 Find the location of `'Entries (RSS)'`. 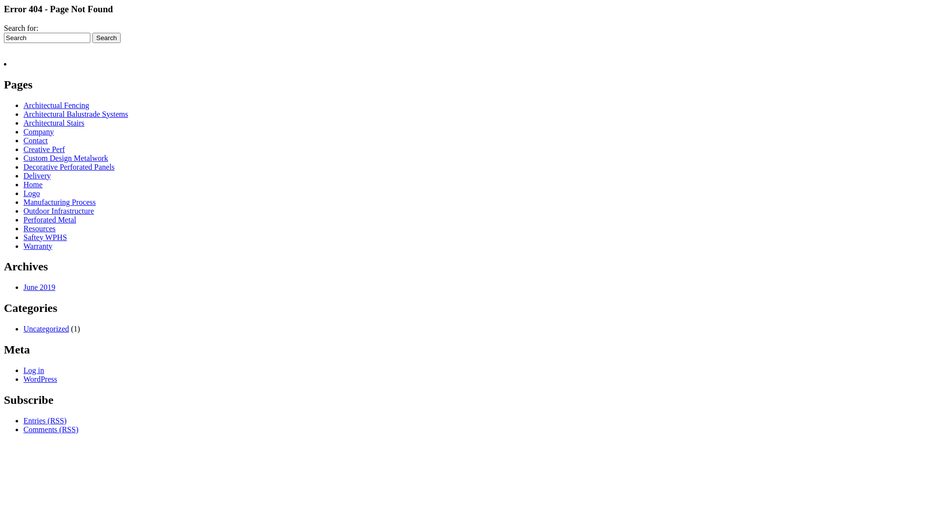

'Entries (RSS)' is located at coordinates (44, 420).